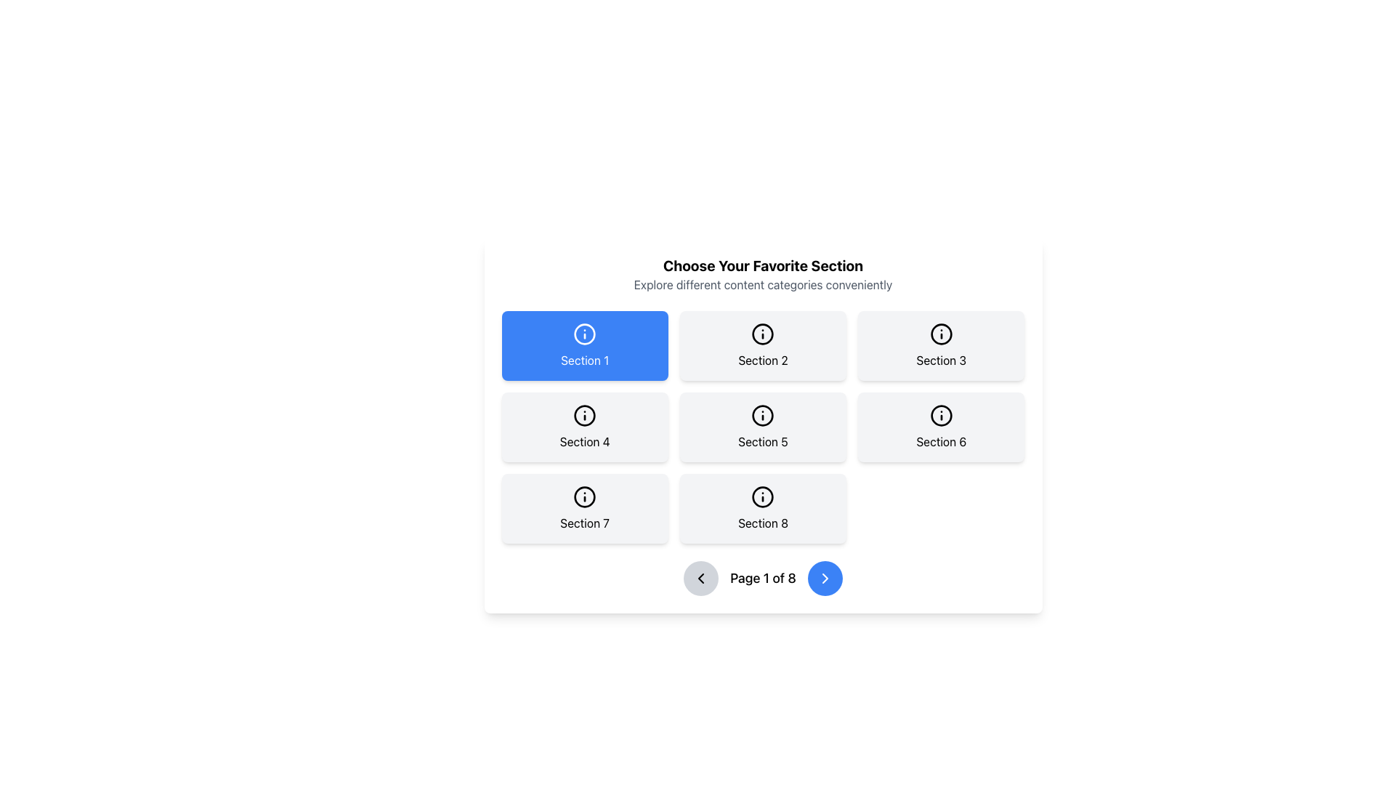 This screenshot has width=1395, height=785. Describe the element at coordinates (701, 577) in the screenshot. I see `the pagination control button icon` at that location.